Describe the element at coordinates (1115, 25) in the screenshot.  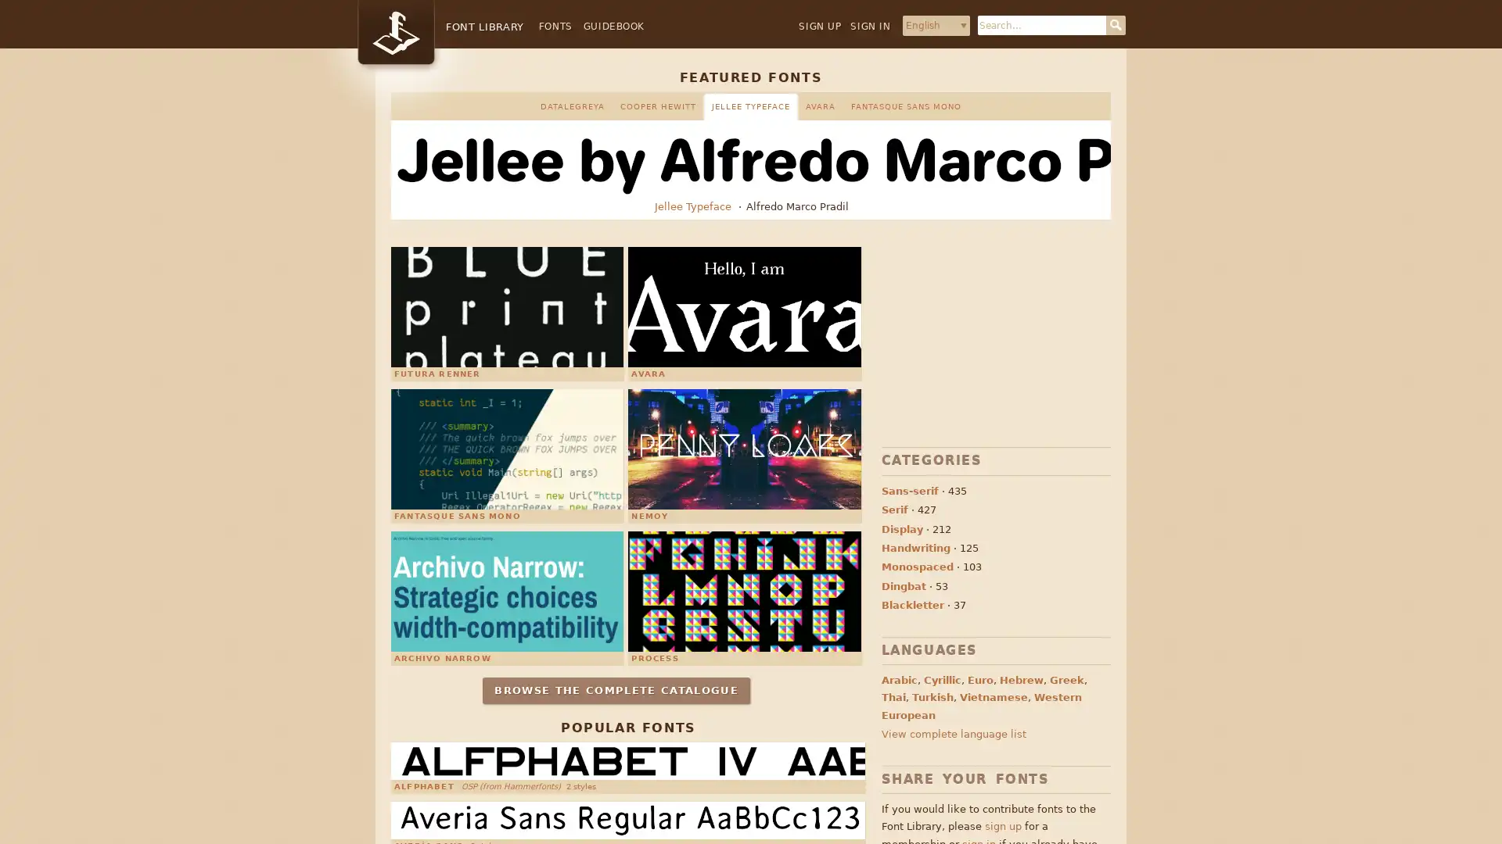
I see `Search` at that location.